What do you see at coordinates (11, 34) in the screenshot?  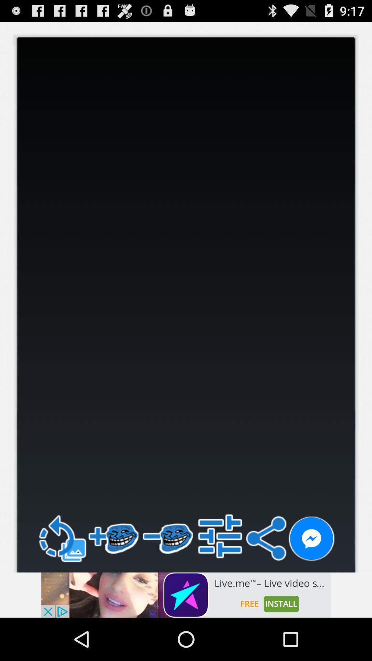 I see `the star icon` at bounding box center [11, 34].